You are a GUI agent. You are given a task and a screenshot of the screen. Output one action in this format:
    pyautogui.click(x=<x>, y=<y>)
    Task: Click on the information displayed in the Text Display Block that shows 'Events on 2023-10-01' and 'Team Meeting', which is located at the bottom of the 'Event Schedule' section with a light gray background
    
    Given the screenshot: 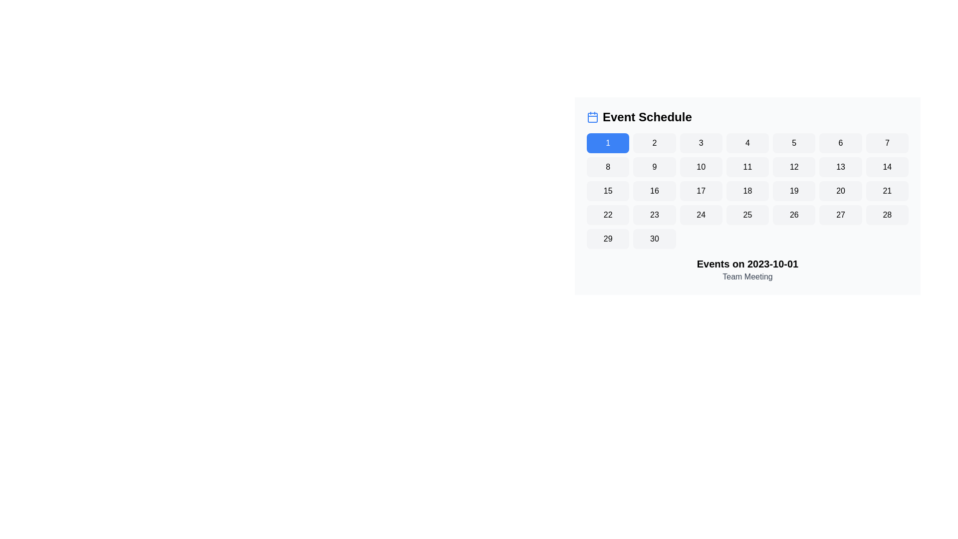 What is the action you would take?
    pyautogui.click(x=747, y=269)
    